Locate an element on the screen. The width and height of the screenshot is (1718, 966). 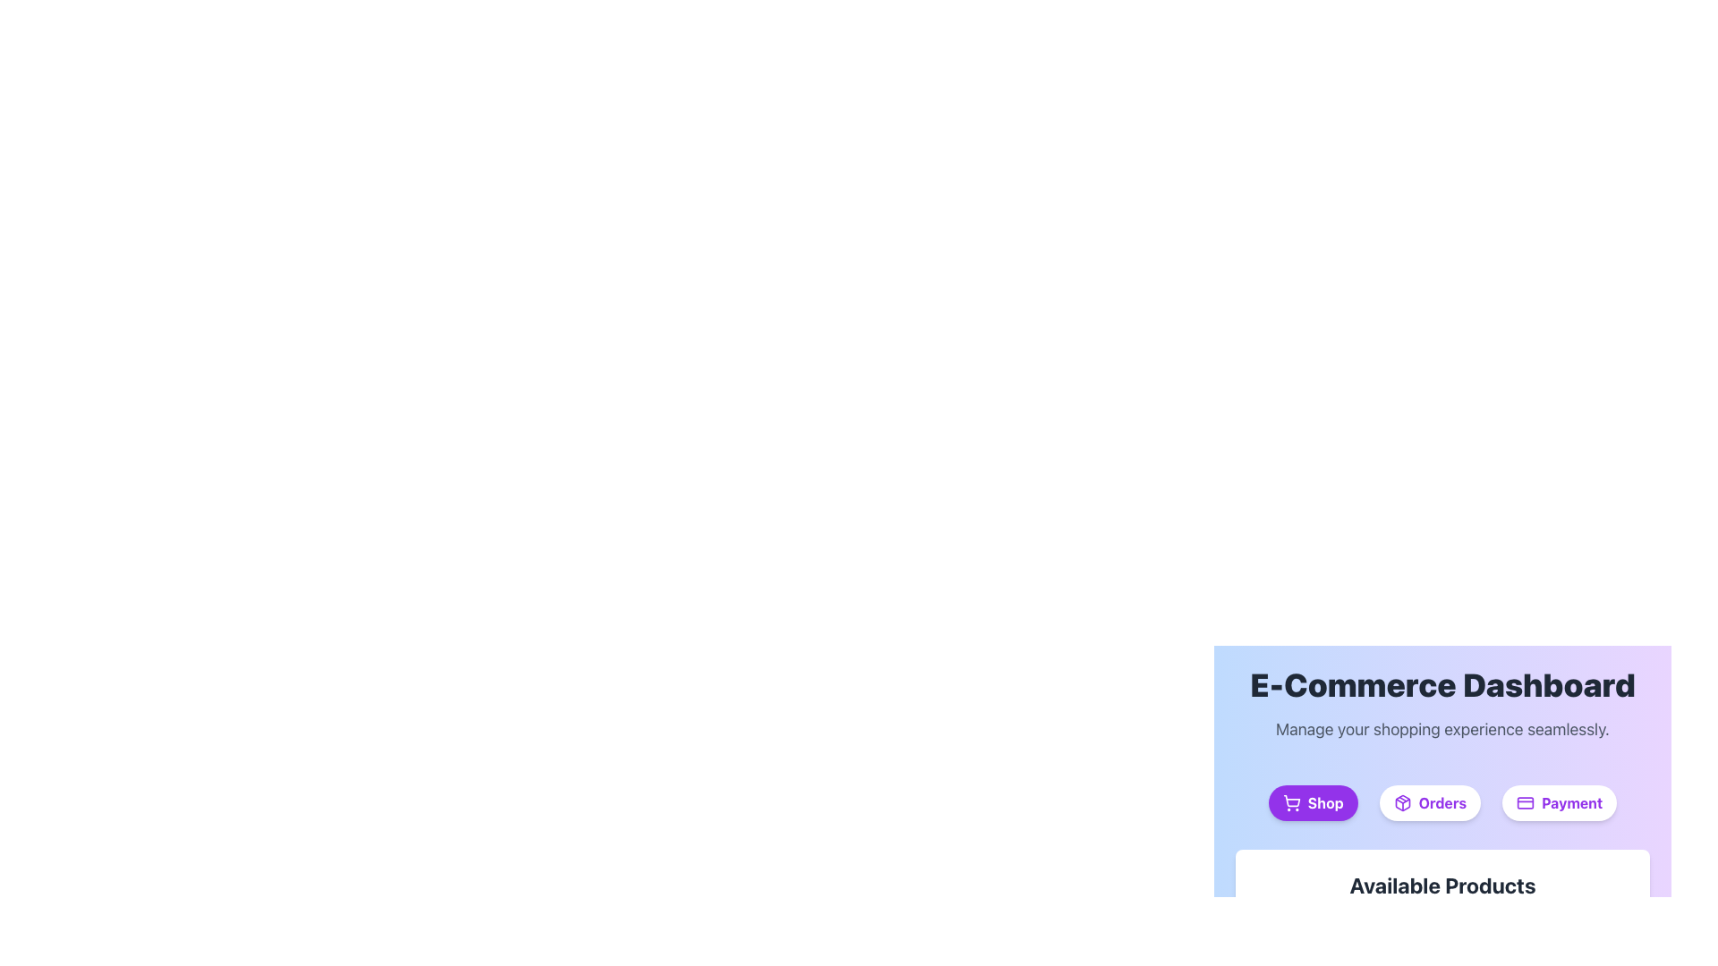
header text 'E-Commerce Dashboard' to understand the dashboard's purpose, which is styled in large bold sans-serif font and positioned at the top of the section is located at coordinates (1442, 684).